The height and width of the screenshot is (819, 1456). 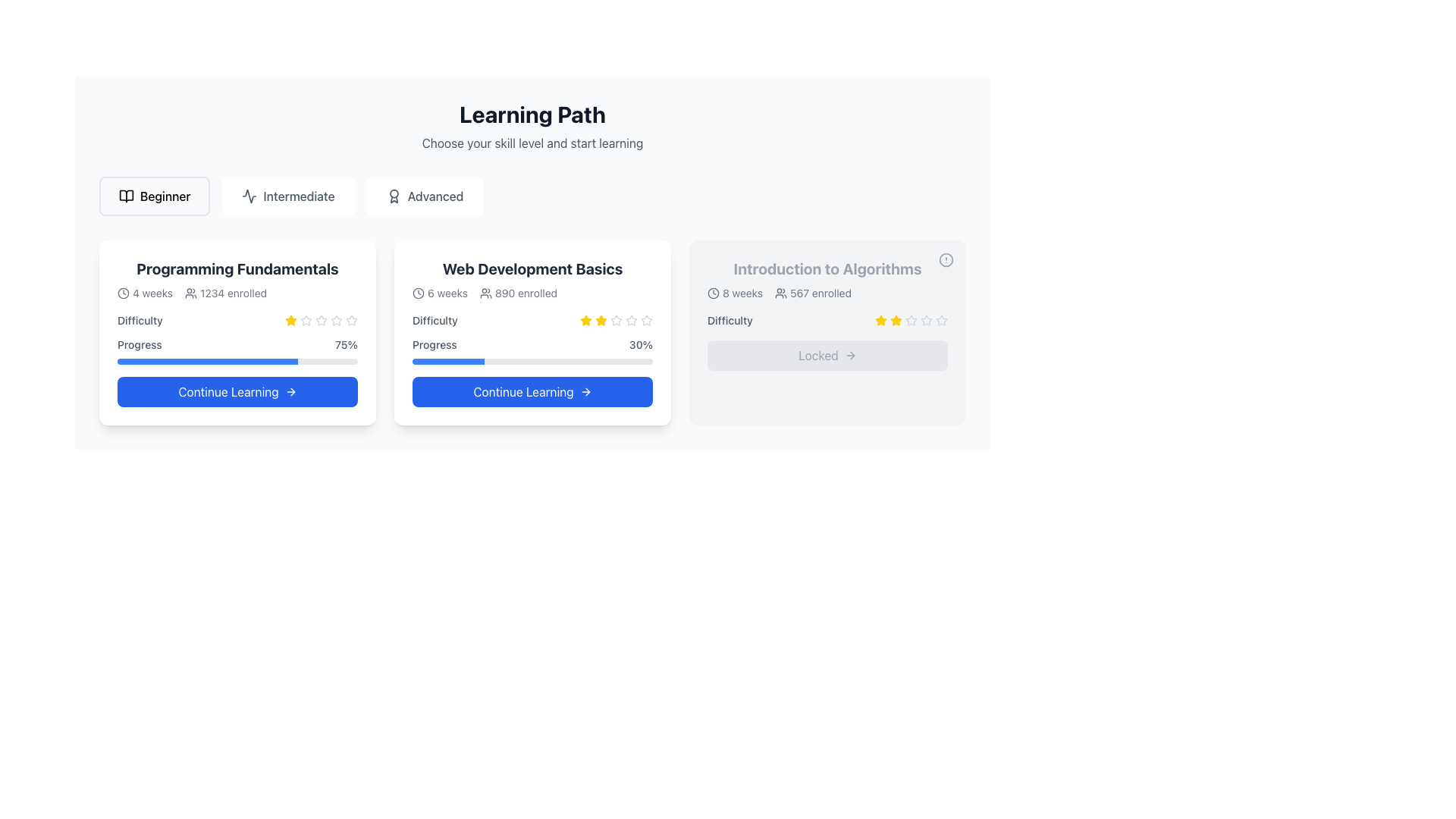 What do you see at coordinates (600, 319) in the screenshot?
I see `the third rating star icon under the 'Difficulty' label in the 'Web Development Basics' card to set or view the rating` at bounding box center [600, 319].